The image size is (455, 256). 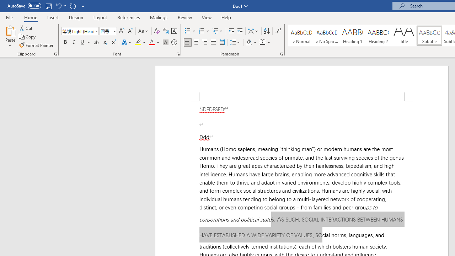 What do you see at coordinates (190, 31) in the screenshot?
I see `'Bullets'` at bounding box center [190, 31].